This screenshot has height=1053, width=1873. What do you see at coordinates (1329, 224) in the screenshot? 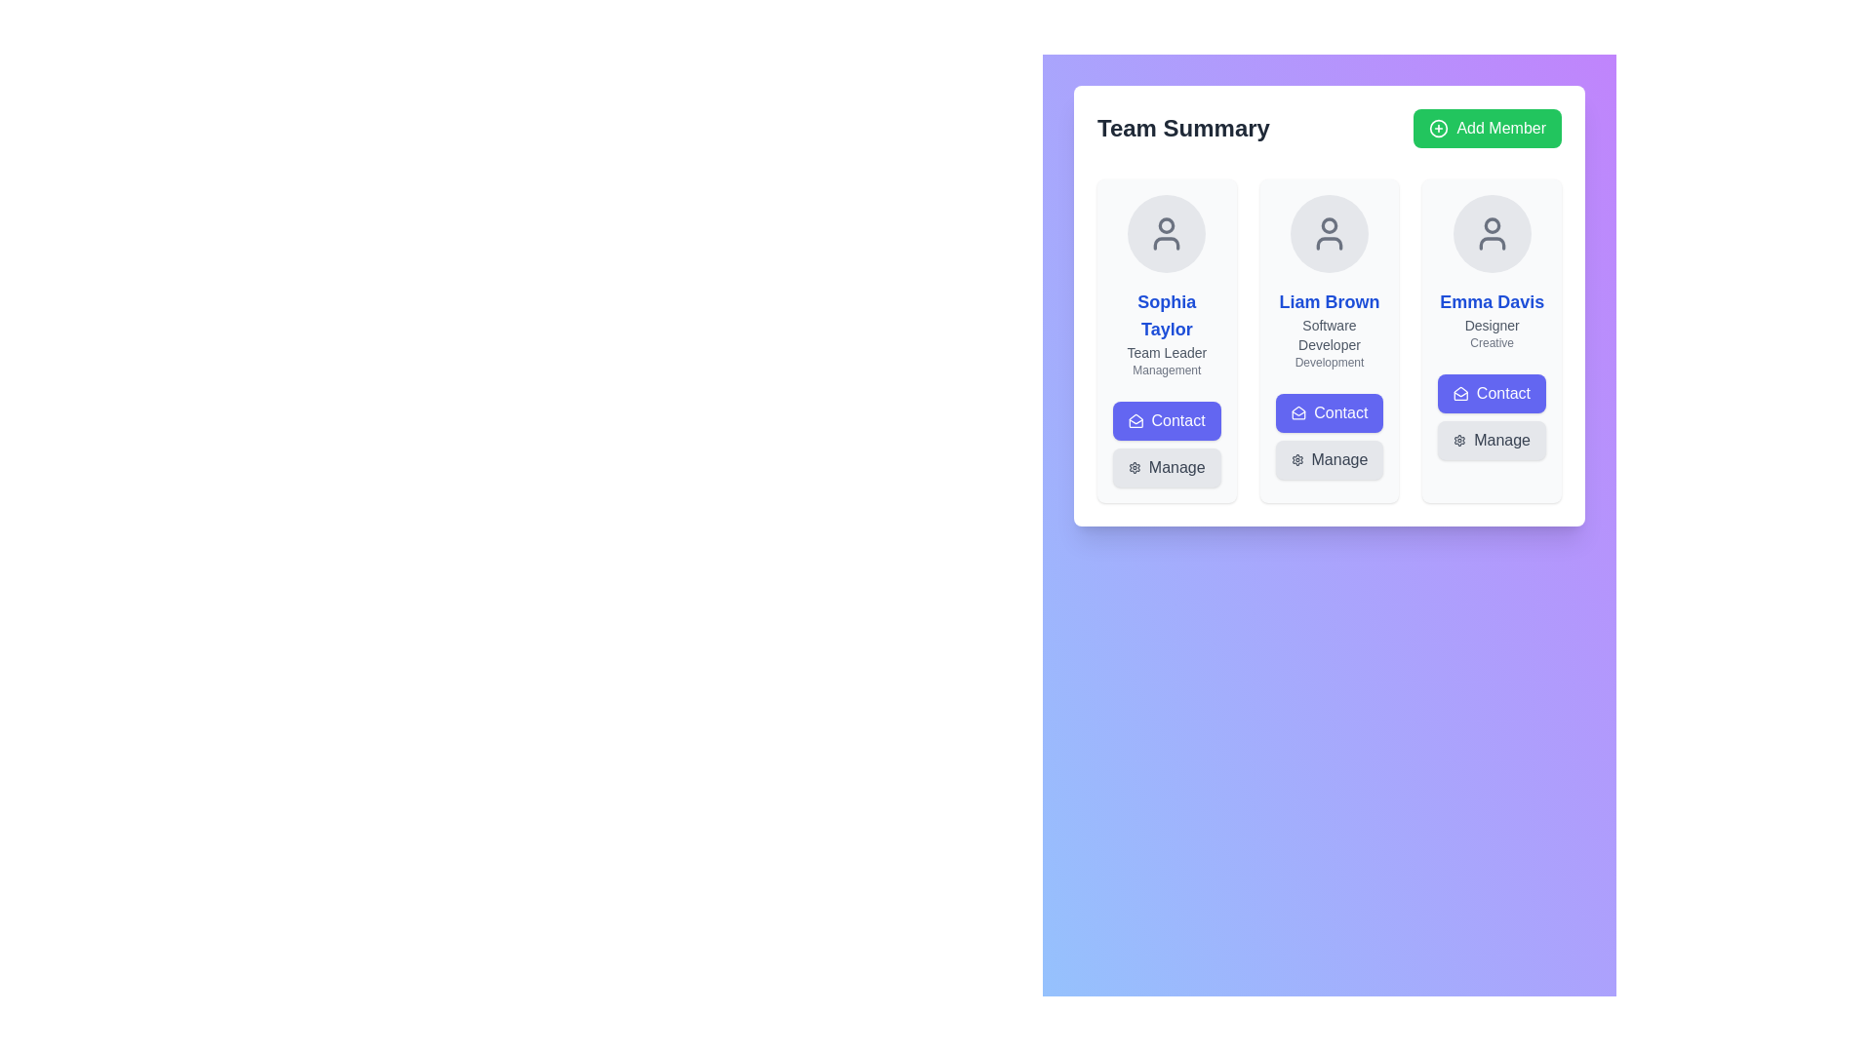
I see `the Circle element of Liam Brown's profile icon, which is located in the upper region of the icon` at bounding box center [1329, 224].